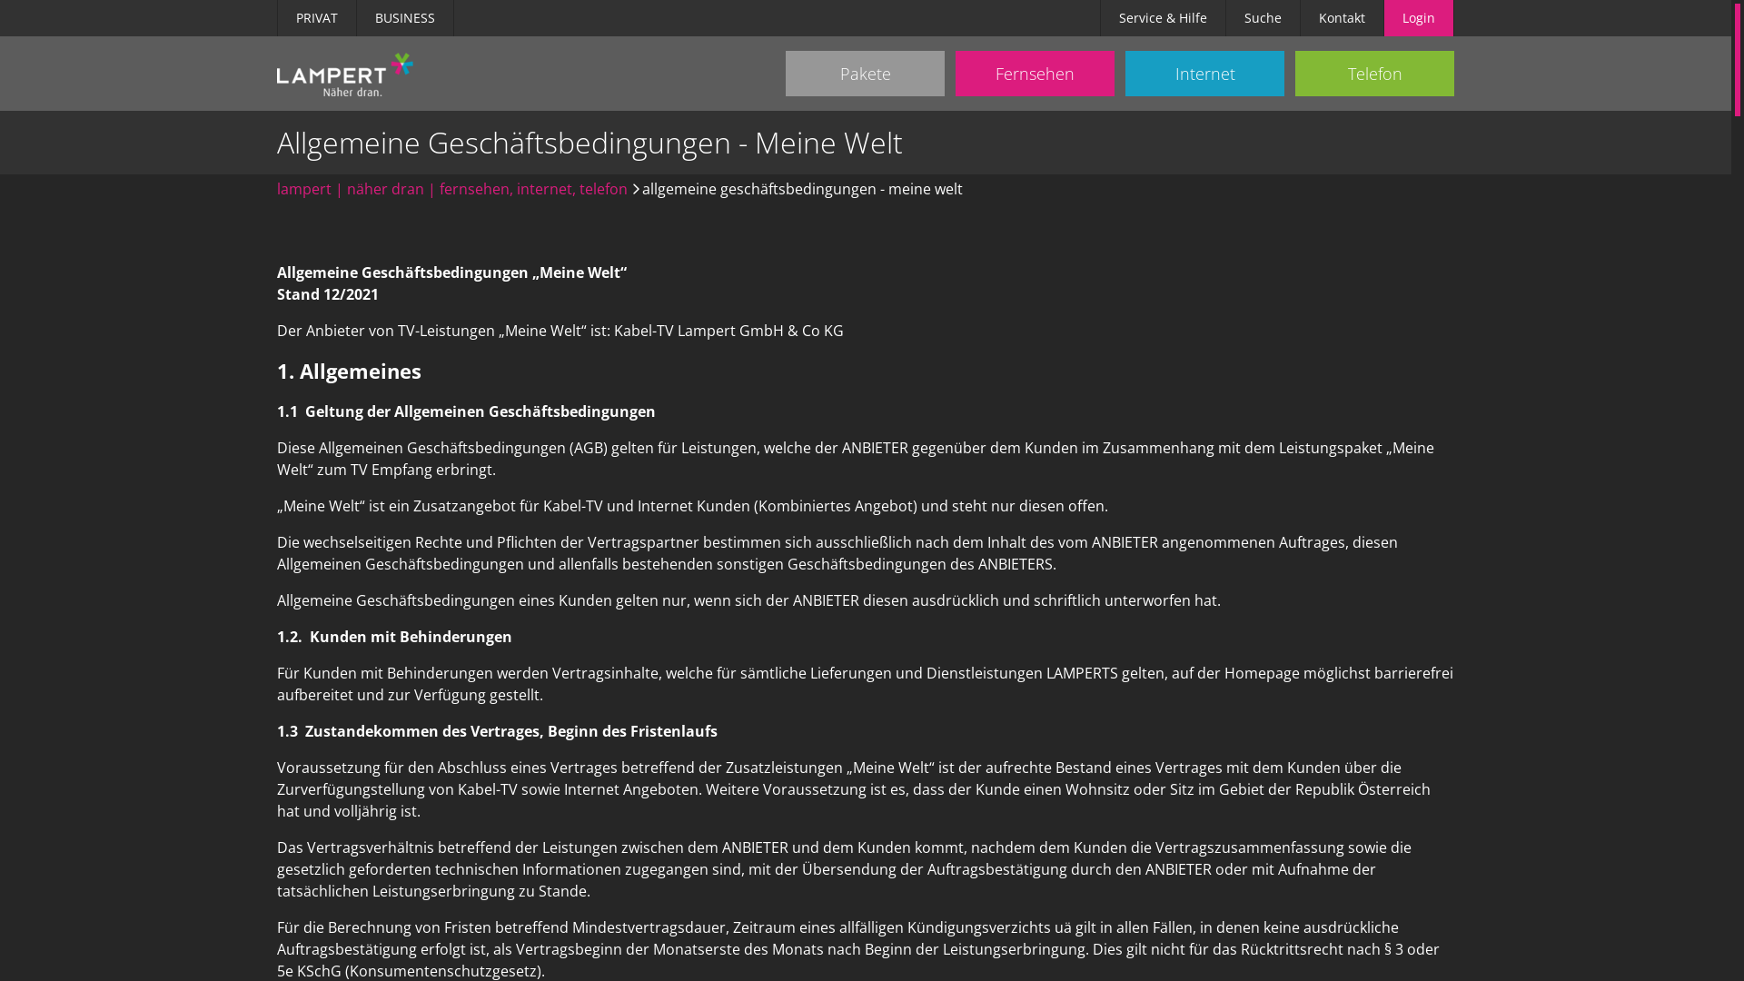  What do you see at coordinates (1163, 17) in the screenshot?
I see `'Service & Hilfe'` at bounding box center [1163, 17].